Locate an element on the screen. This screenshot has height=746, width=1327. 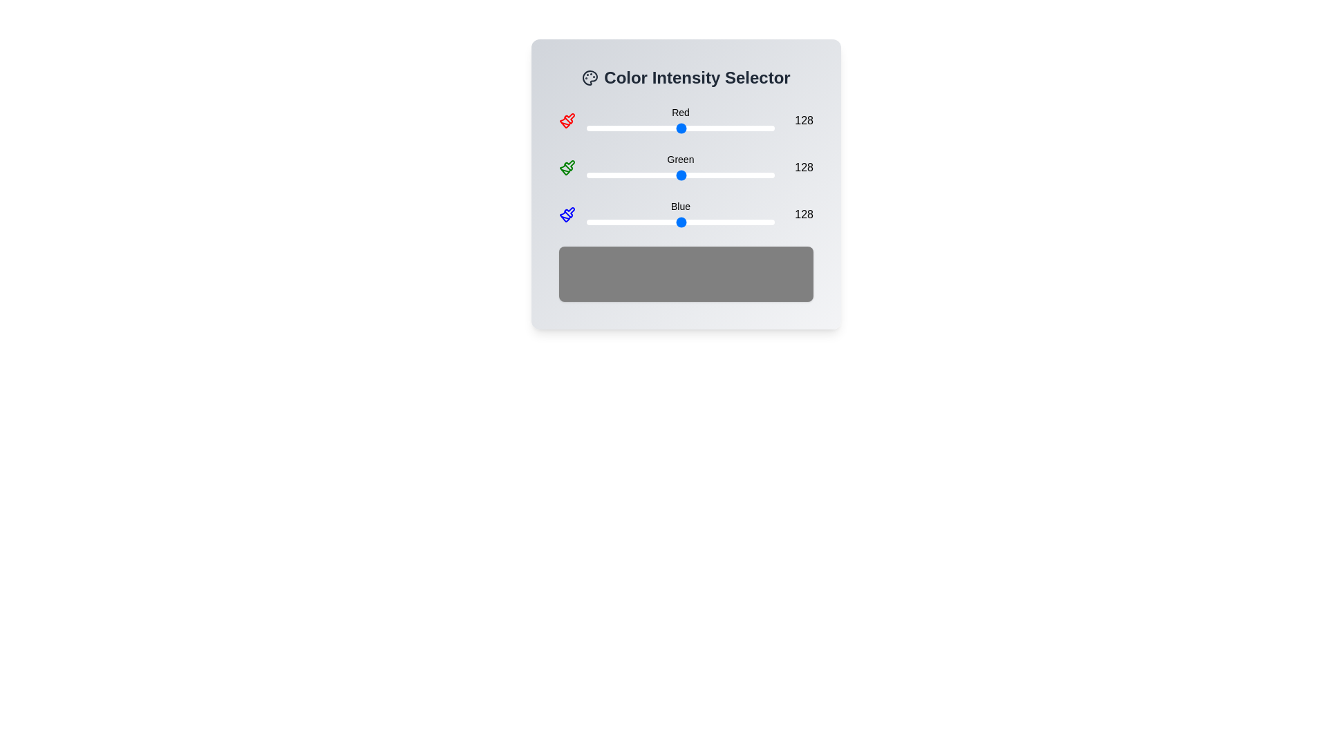
the green intensity is located at coordinates (724, 175).